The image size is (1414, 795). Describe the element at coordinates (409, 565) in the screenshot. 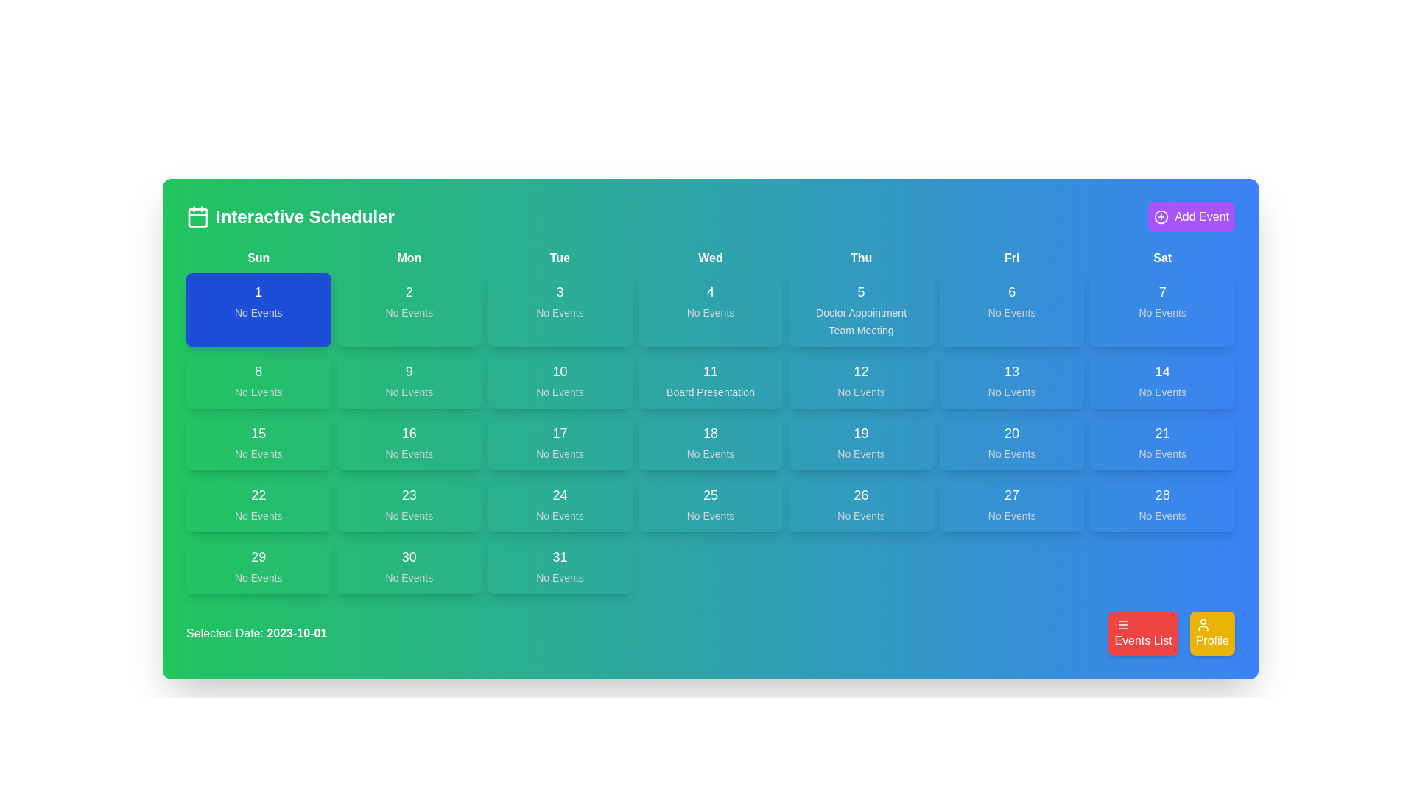

I see `the Calendar Day Tile displaying '30'` at that location.